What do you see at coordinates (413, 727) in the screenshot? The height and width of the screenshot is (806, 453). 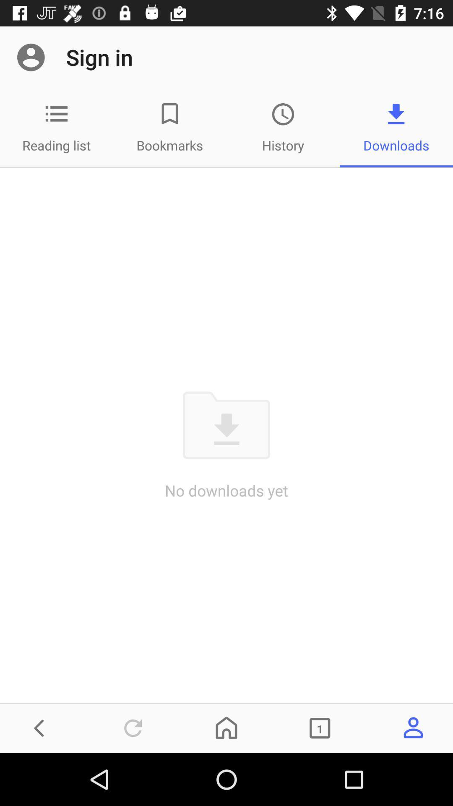 I see `the avatar icon` at bounding box center [413, 727].